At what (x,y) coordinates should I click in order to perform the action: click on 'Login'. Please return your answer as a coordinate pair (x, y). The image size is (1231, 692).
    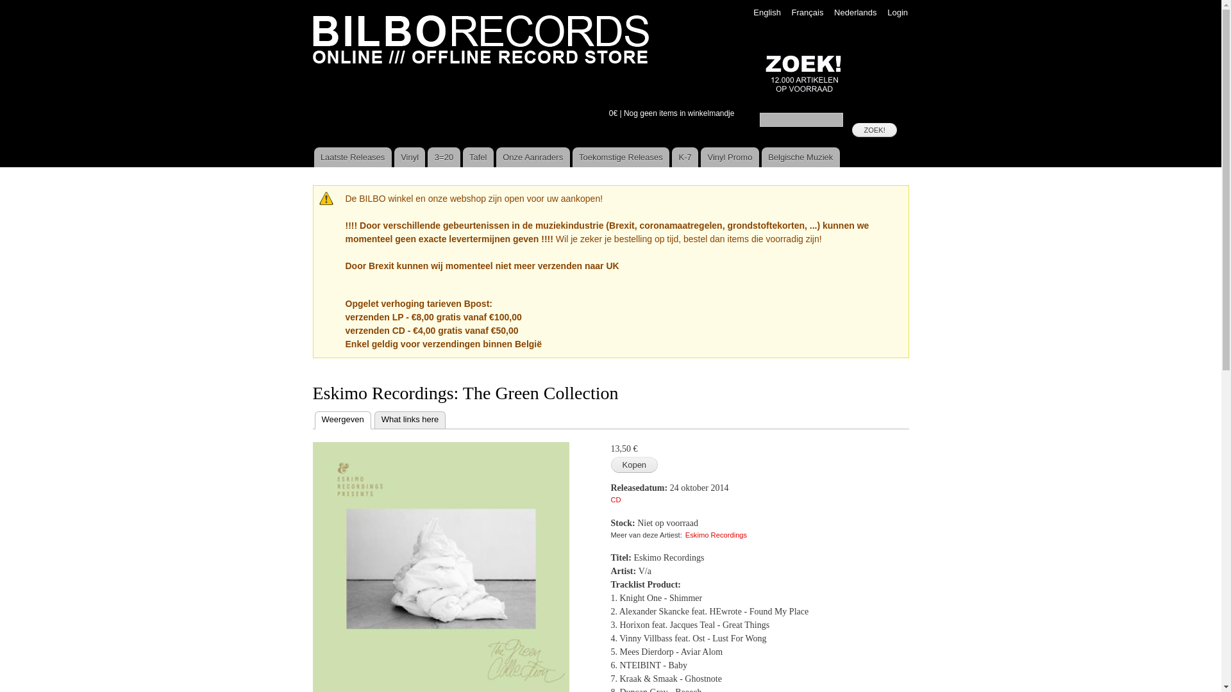
    Looking at the image, I should click on (897, 12).